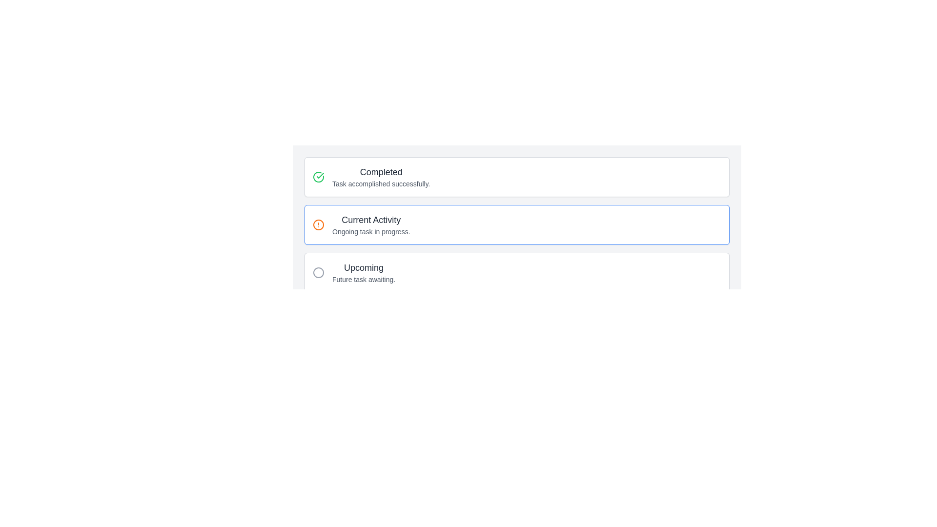 The width and height of the screenshot is (937, 527). What do you see at coordinates (381, 172) in the screenshot?
I see `the text label displaying 'Completed' which is part of the UI section titled 'Task accomplished successfully.'` at bounding box center [381, 172].